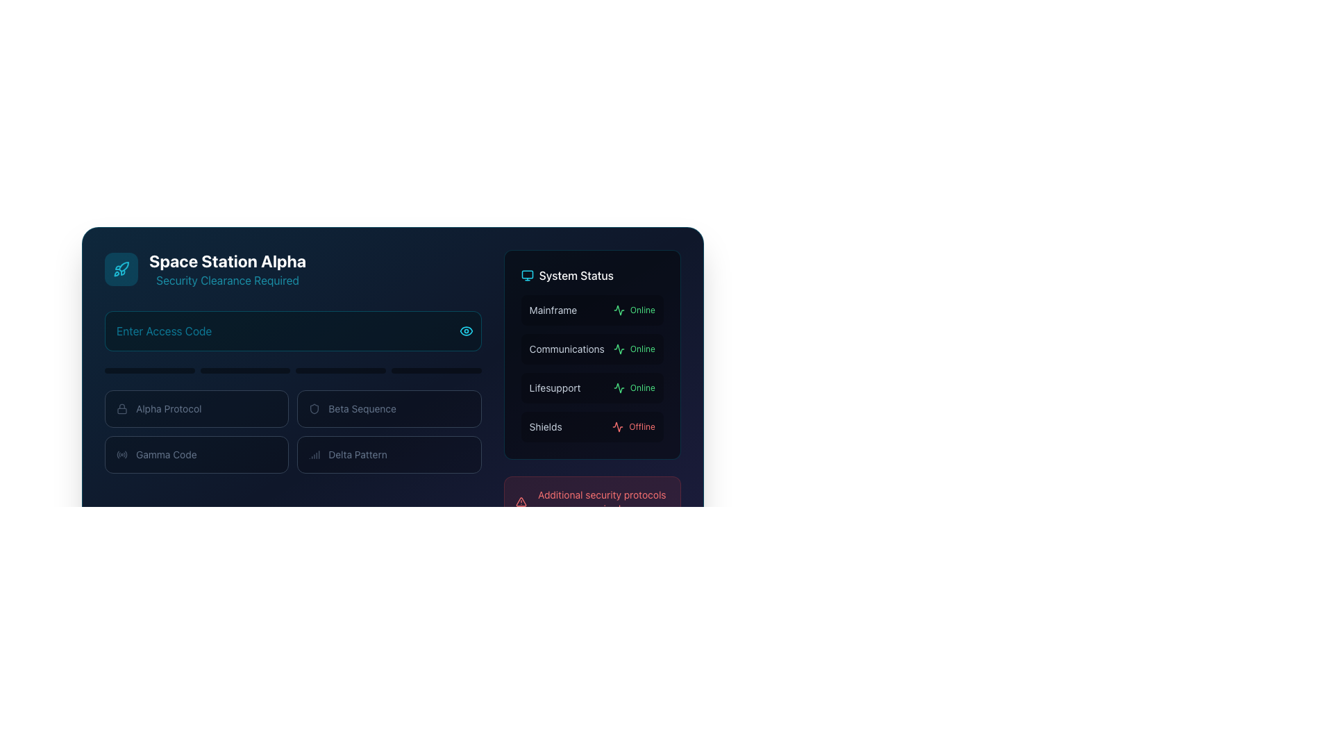  I want to click on the dynamic waveform icon representing the system status in the top-right quadrant of the interface, adjacent to the 'Mainframe' label, to check for status indication, so click(618, 348).